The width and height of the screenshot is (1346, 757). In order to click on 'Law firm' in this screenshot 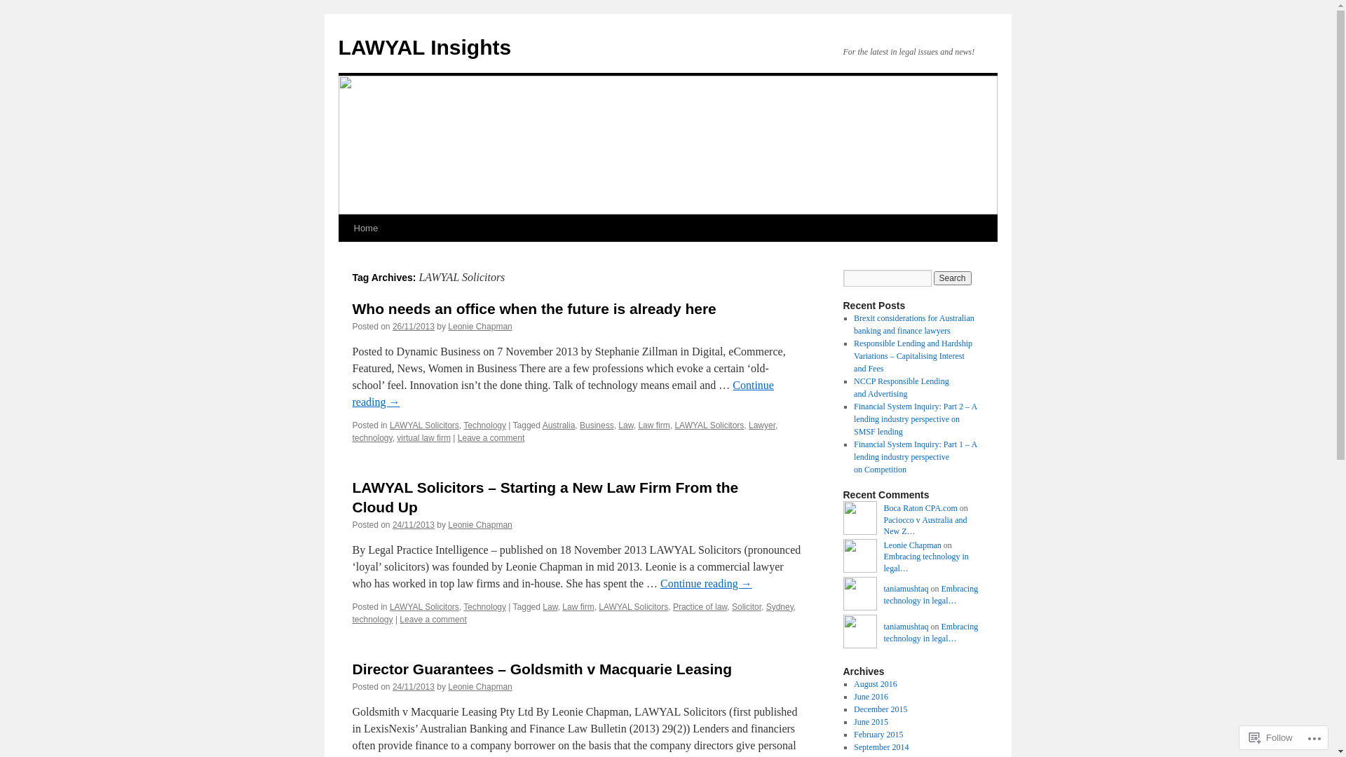, I will do `click(653, 424)`.